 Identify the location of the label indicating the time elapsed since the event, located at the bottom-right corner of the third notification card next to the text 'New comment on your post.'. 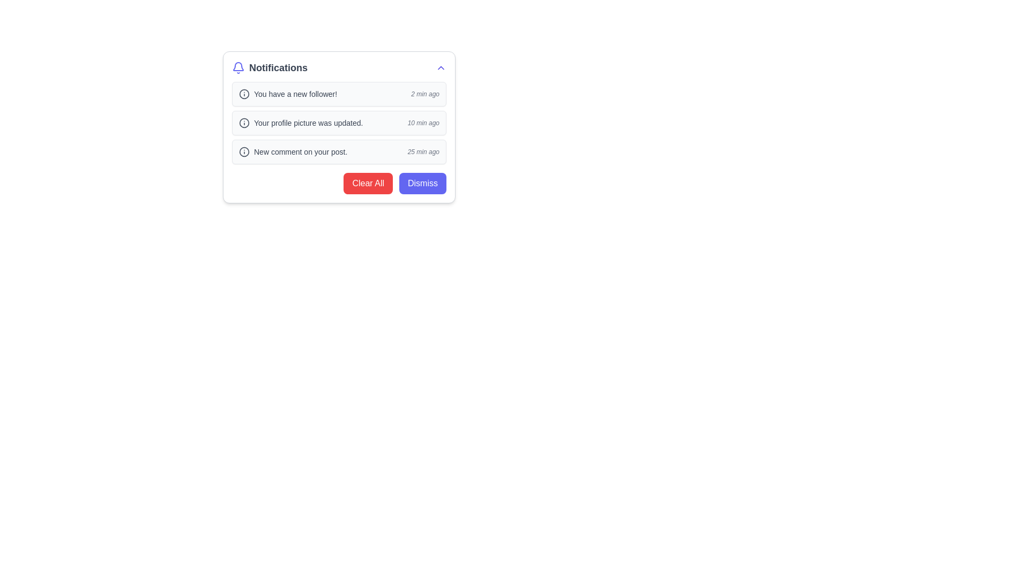
(423, 152).